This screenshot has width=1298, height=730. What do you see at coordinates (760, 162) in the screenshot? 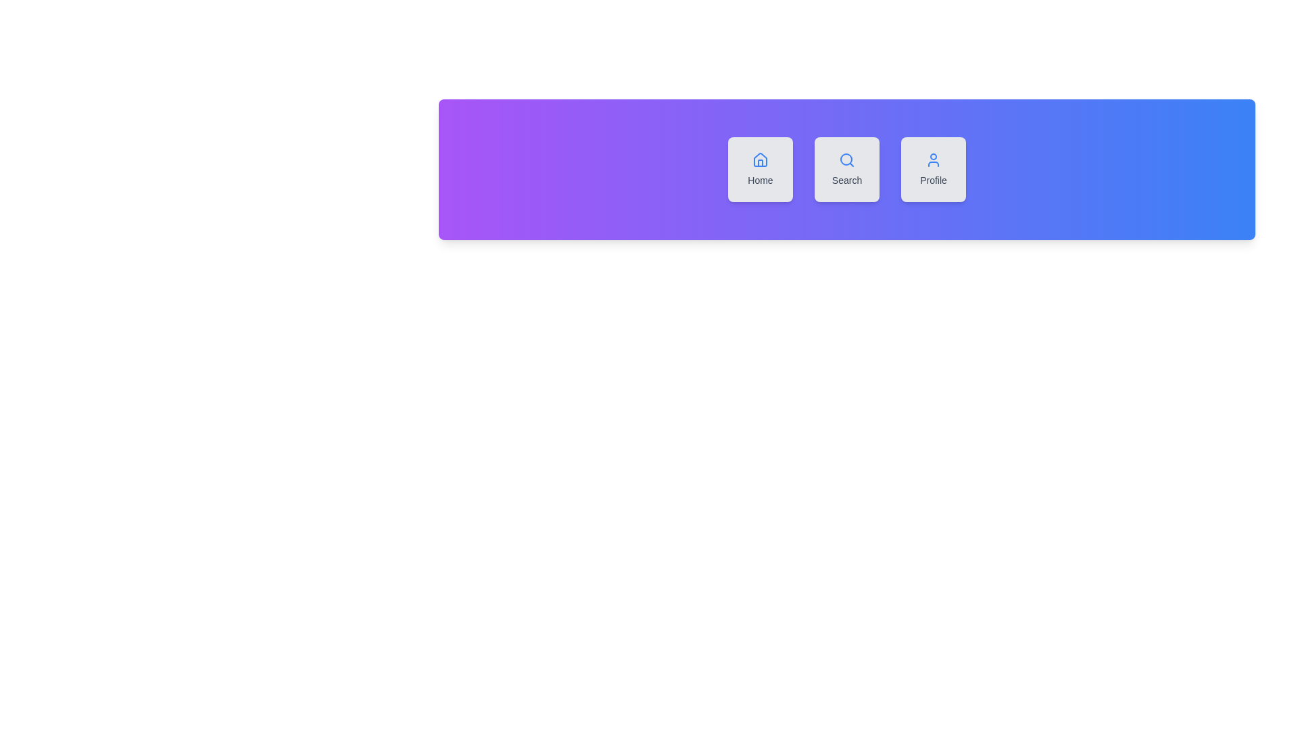
I see `the door icon of the house in the navigation bar when tabbing through elements` at bounding box center [760, 162].